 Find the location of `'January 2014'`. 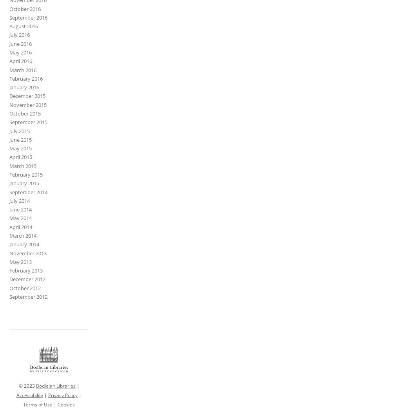

'January 2014' is located at coordinates (24, 244).